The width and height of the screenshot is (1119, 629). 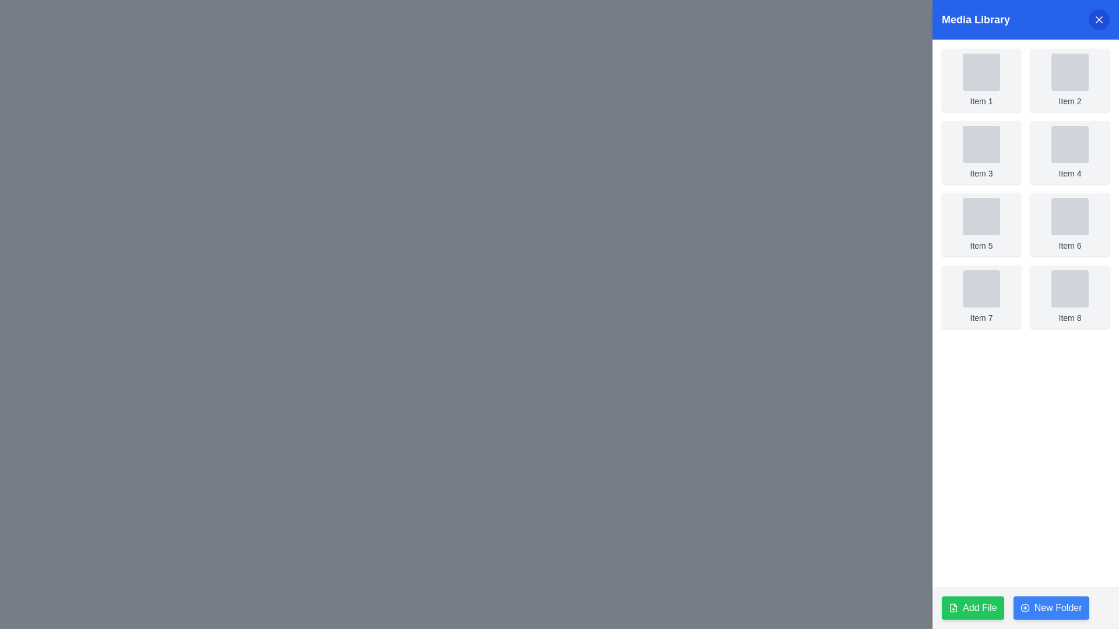 I want to click on the 'Add File' button, which contains a small SVG icon representing a document with a highlighted area at the top, located in the lower-left corner of the interface, so click(x=953, y=607).